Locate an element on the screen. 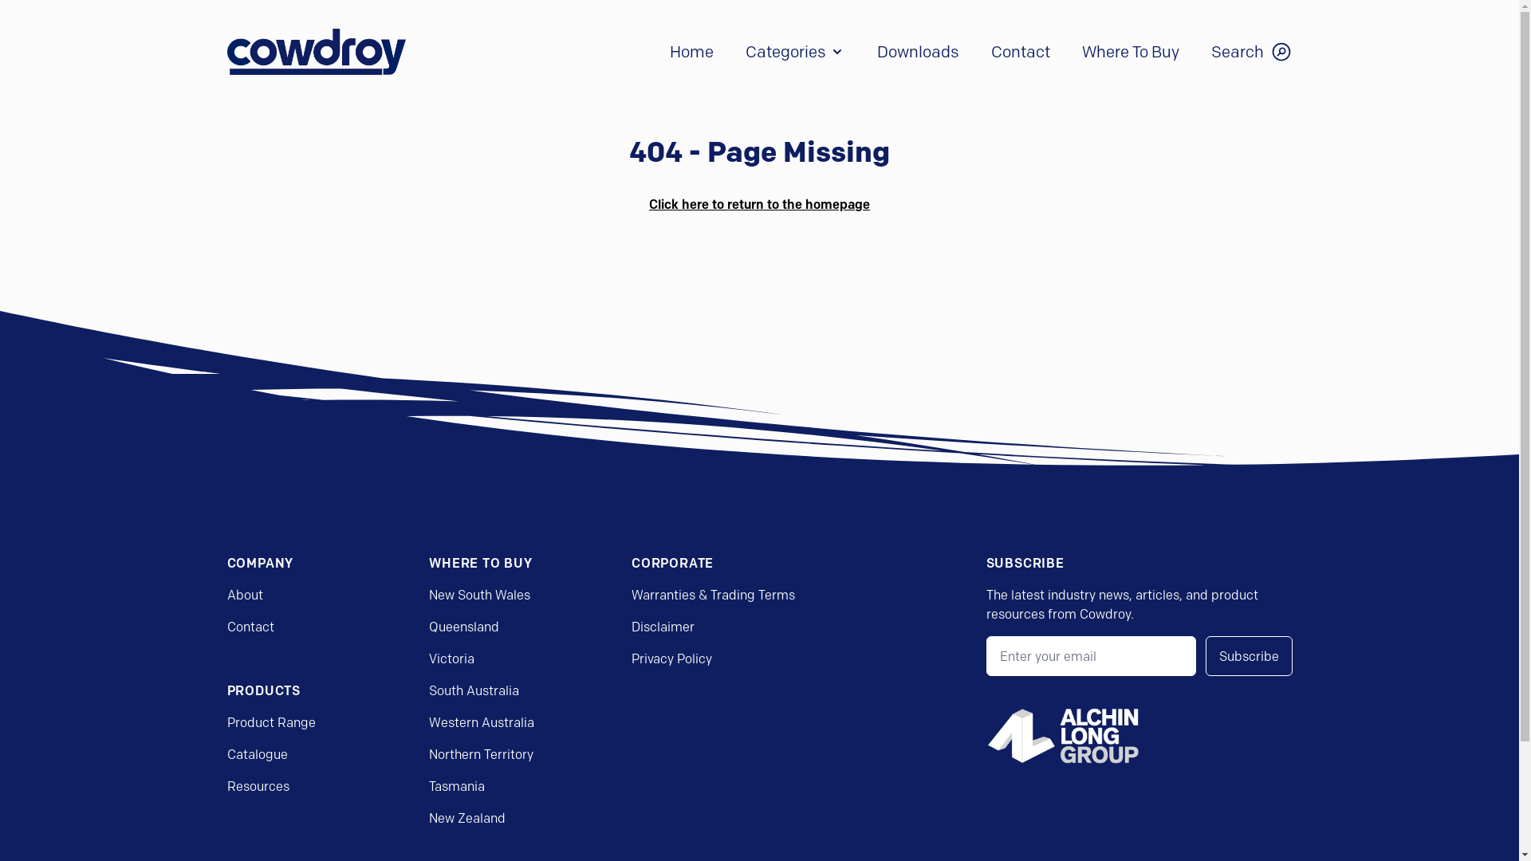 The height and width of the screenshot is (861, 1531). 'Disclaimer' is located at coordinates (663, 626).